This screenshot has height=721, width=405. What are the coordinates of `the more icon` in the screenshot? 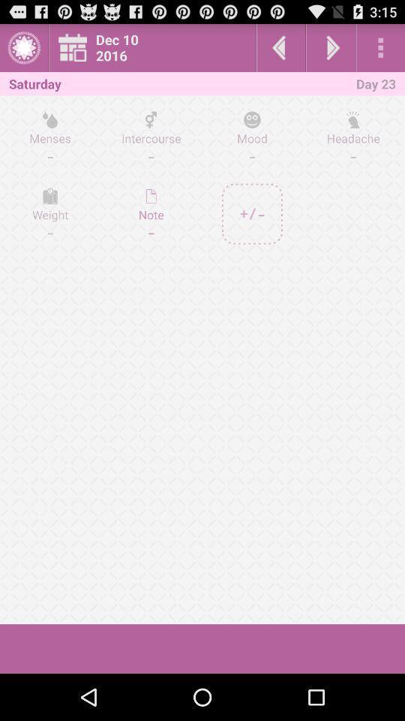 It's located at (380, 51).